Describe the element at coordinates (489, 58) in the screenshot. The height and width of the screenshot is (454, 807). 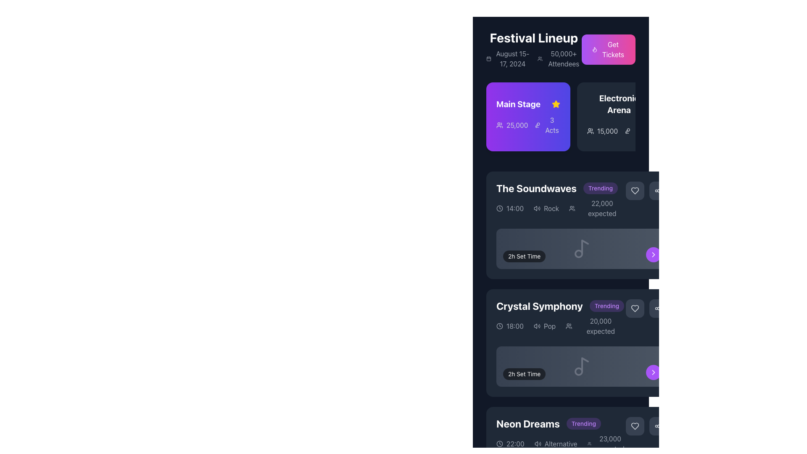
I see `the SVG rectangle with rounded corners, styled as part of a calendar icon located next to the date 'August 15-17, 2024', in the top left section of the interface near the 'Festival Lineup' header` at that location.